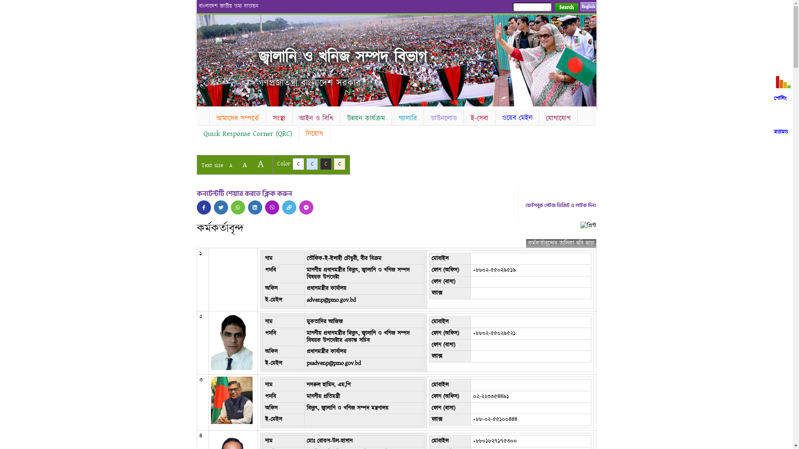 The image size is (799, 449). Describe the element at coordinates (587, 6) in the screenshot. I see `'English'` at that location.